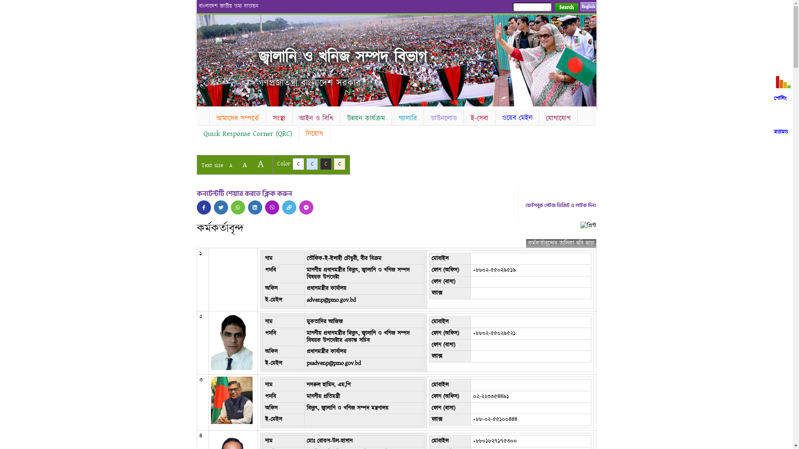 The image size is (799, 449). Describe the element at coordinates (587, 6) in the screenshot. I see `'English'` at that location.